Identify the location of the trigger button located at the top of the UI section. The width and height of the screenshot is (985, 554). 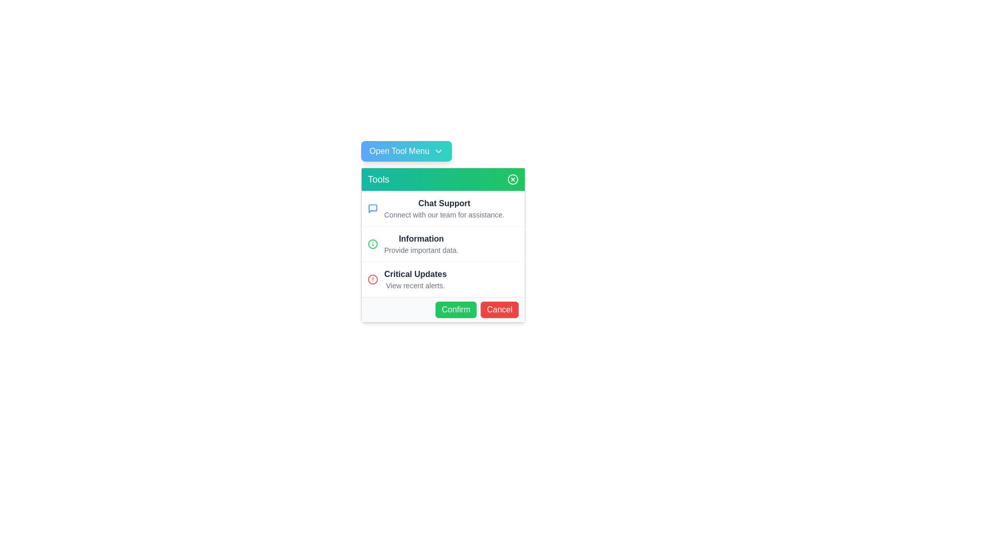
(406, 151).